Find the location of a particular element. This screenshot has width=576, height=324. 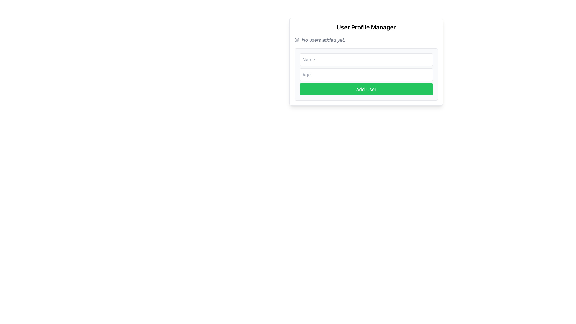

the input box in the User Profile Manager form is located at coordinates (366, 61).